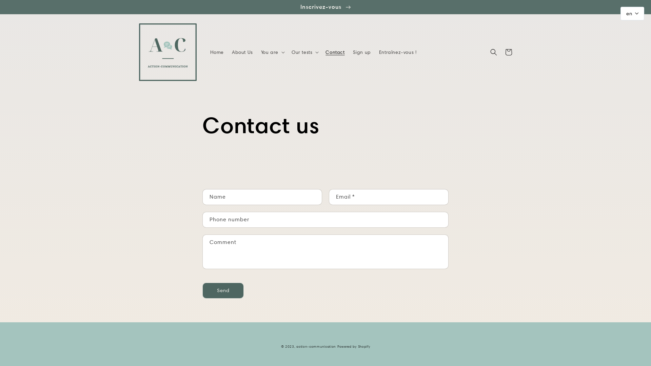 The image size is (651, 366). Describe the element at coordinates (632, 13) in the screenshot. I see `'en'` at that location.